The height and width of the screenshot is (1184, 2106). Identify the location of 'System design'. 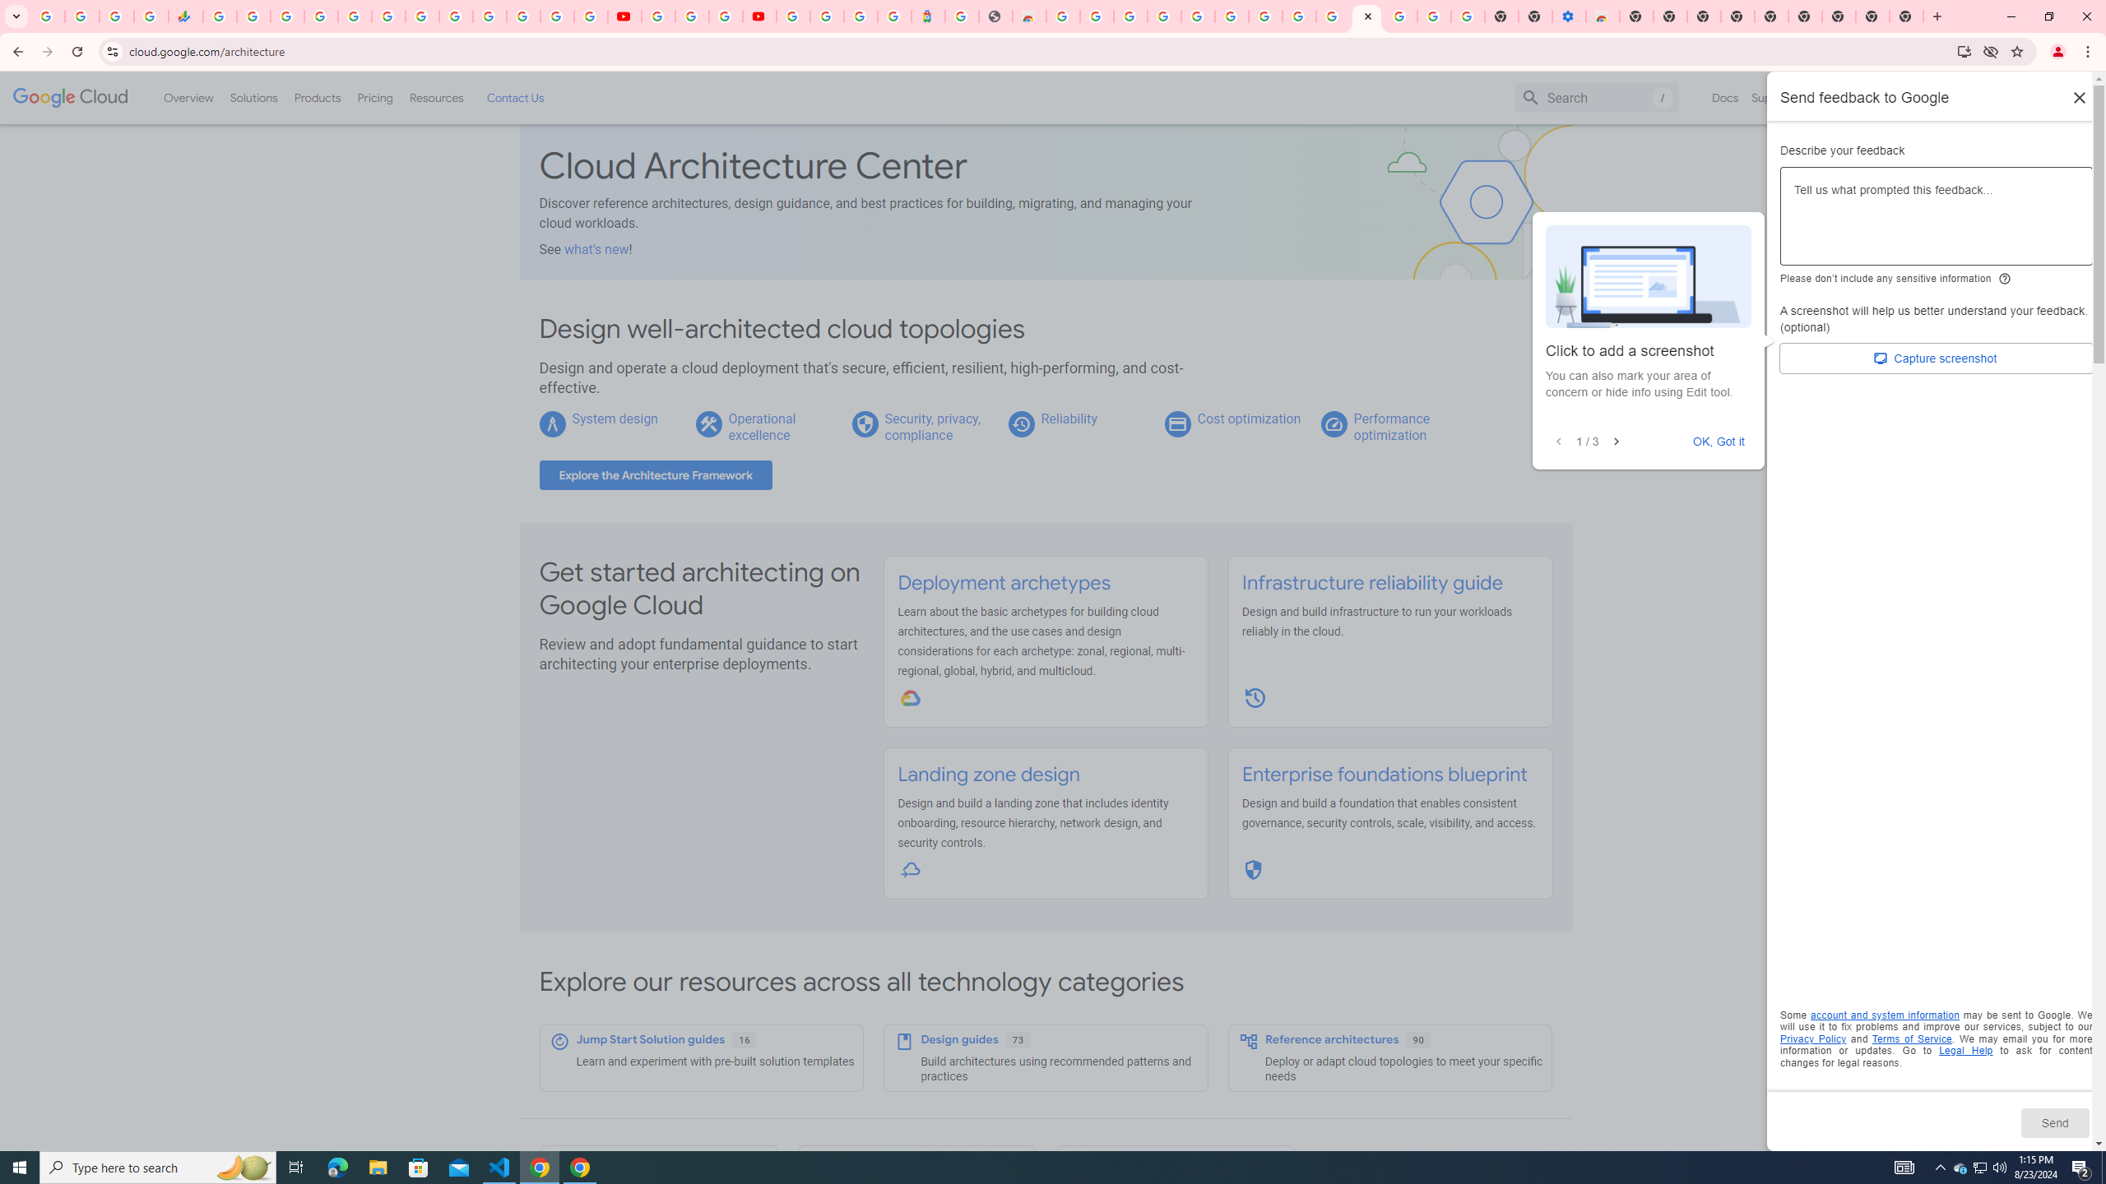
(613, 419).